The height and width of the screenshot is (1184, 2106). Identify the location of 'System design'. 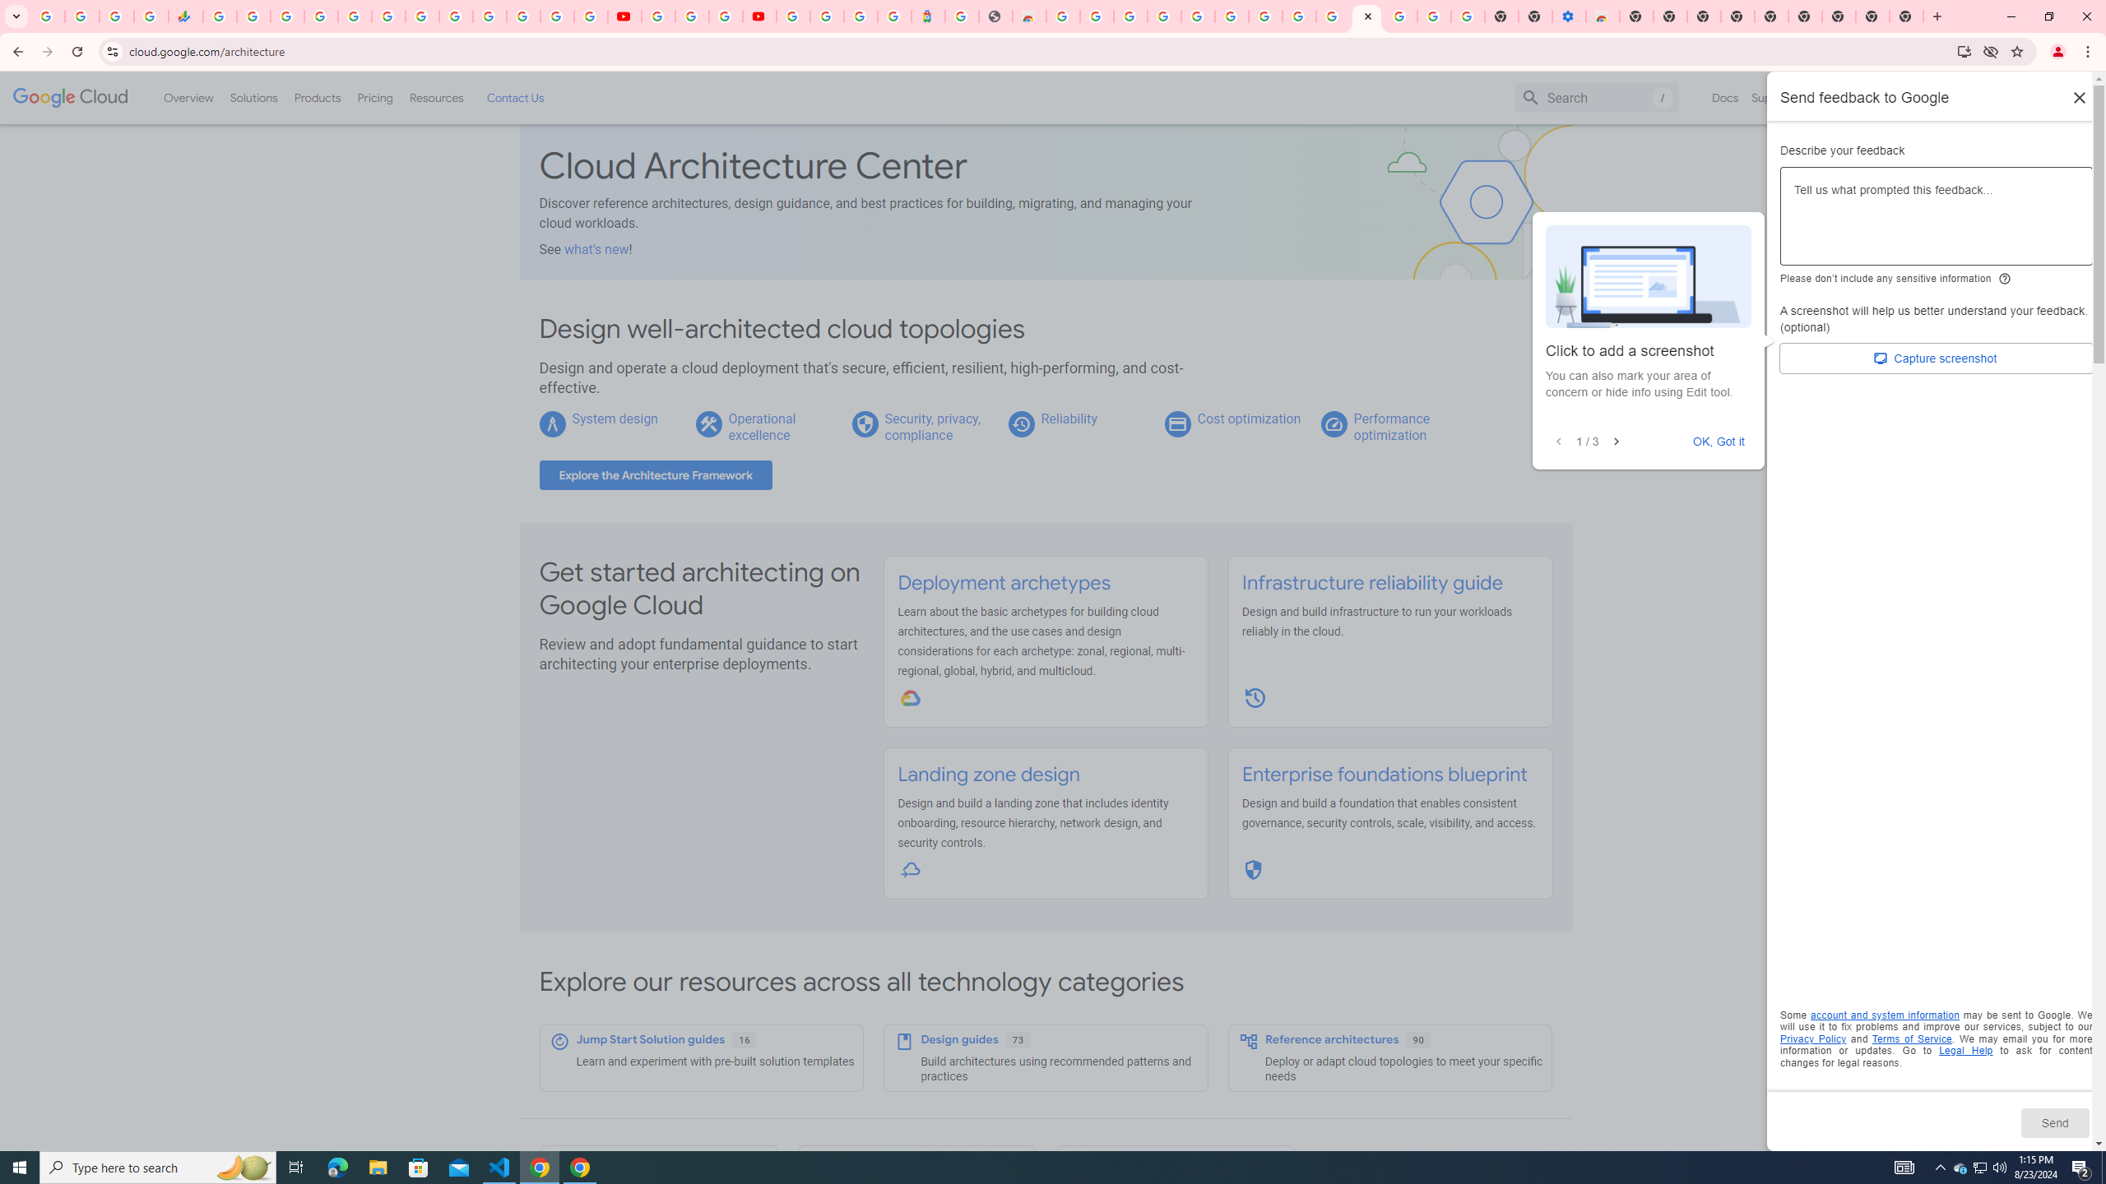
(613, 419).